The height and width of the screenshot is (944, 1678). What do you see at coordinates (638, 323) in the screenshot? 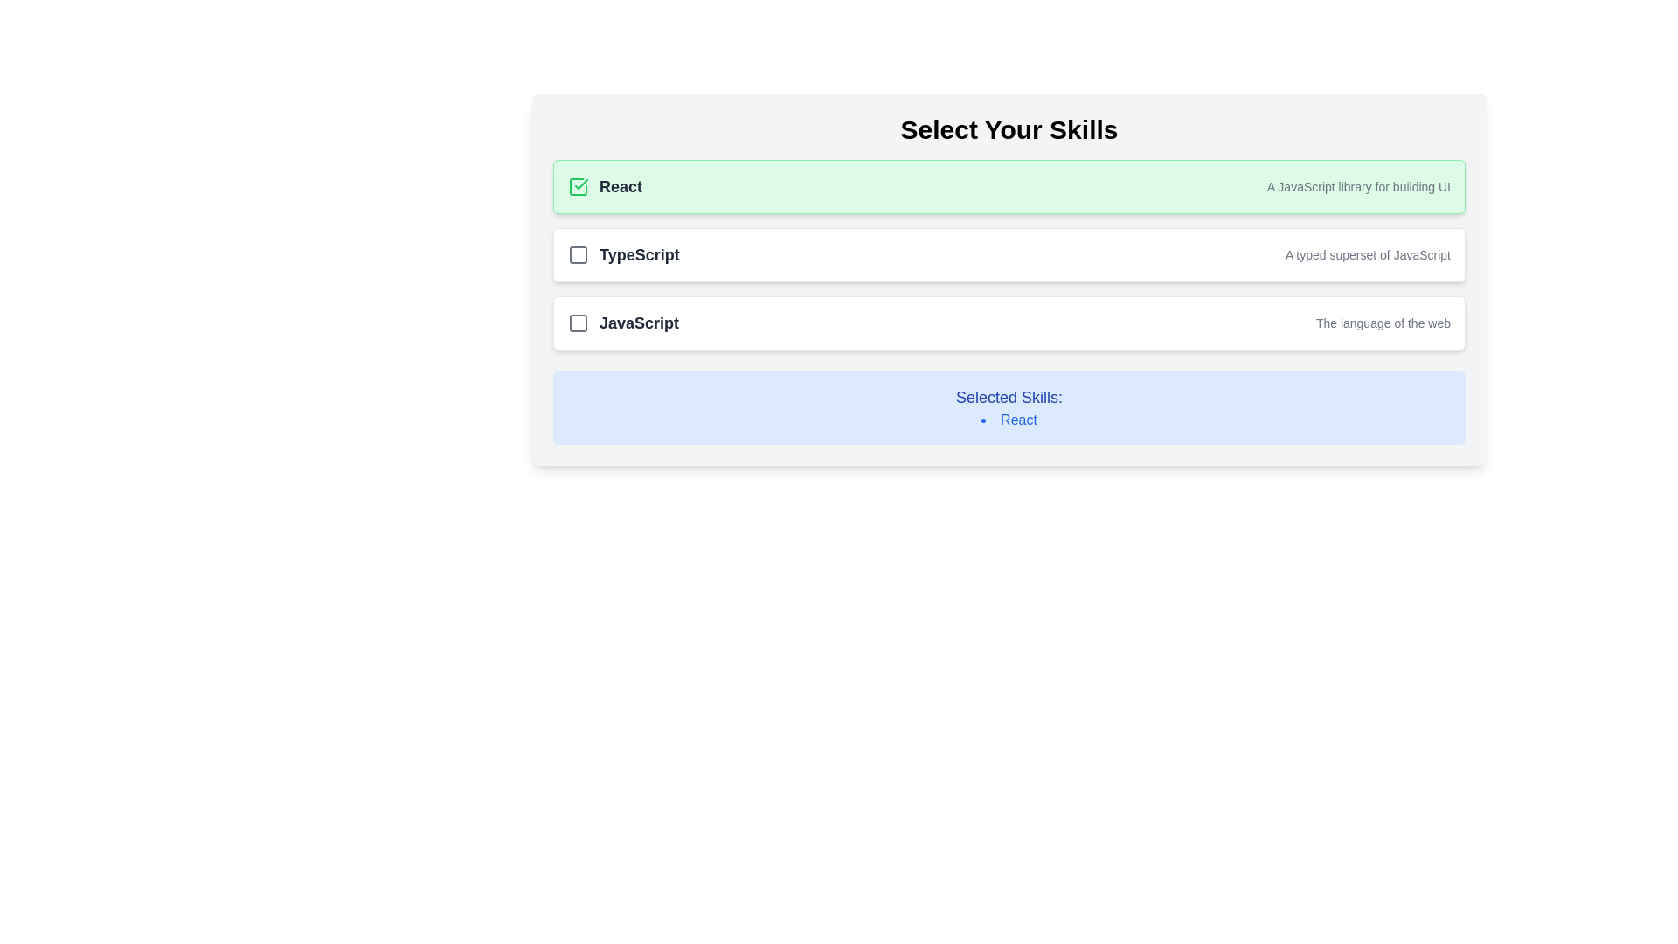
I see `the 'JavaScript' text label, which is styled with a large bold font and dark gray color, located in the third row of a skill selection list` at bounding box center [638, 323].